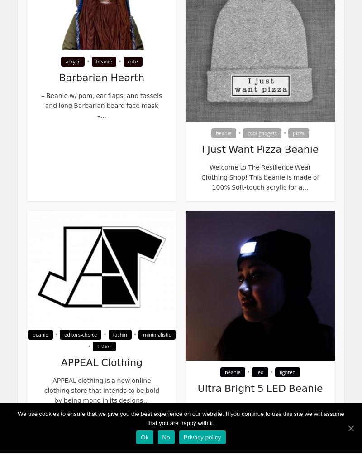 This screenshot has width=362, height=454. I want to click on 'APPEAL clothing is a new online clothing store that intends to be bold by being mono in its designs...', so click(43, 390).